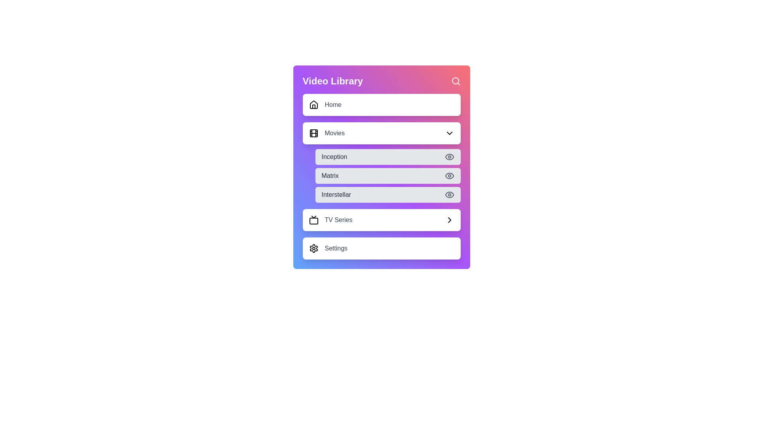  I want to click on the decorative 'Home' icon located in the top-left portion of the application interface, which enhances usability and recognition of the associated menu item, so click(313, 104).